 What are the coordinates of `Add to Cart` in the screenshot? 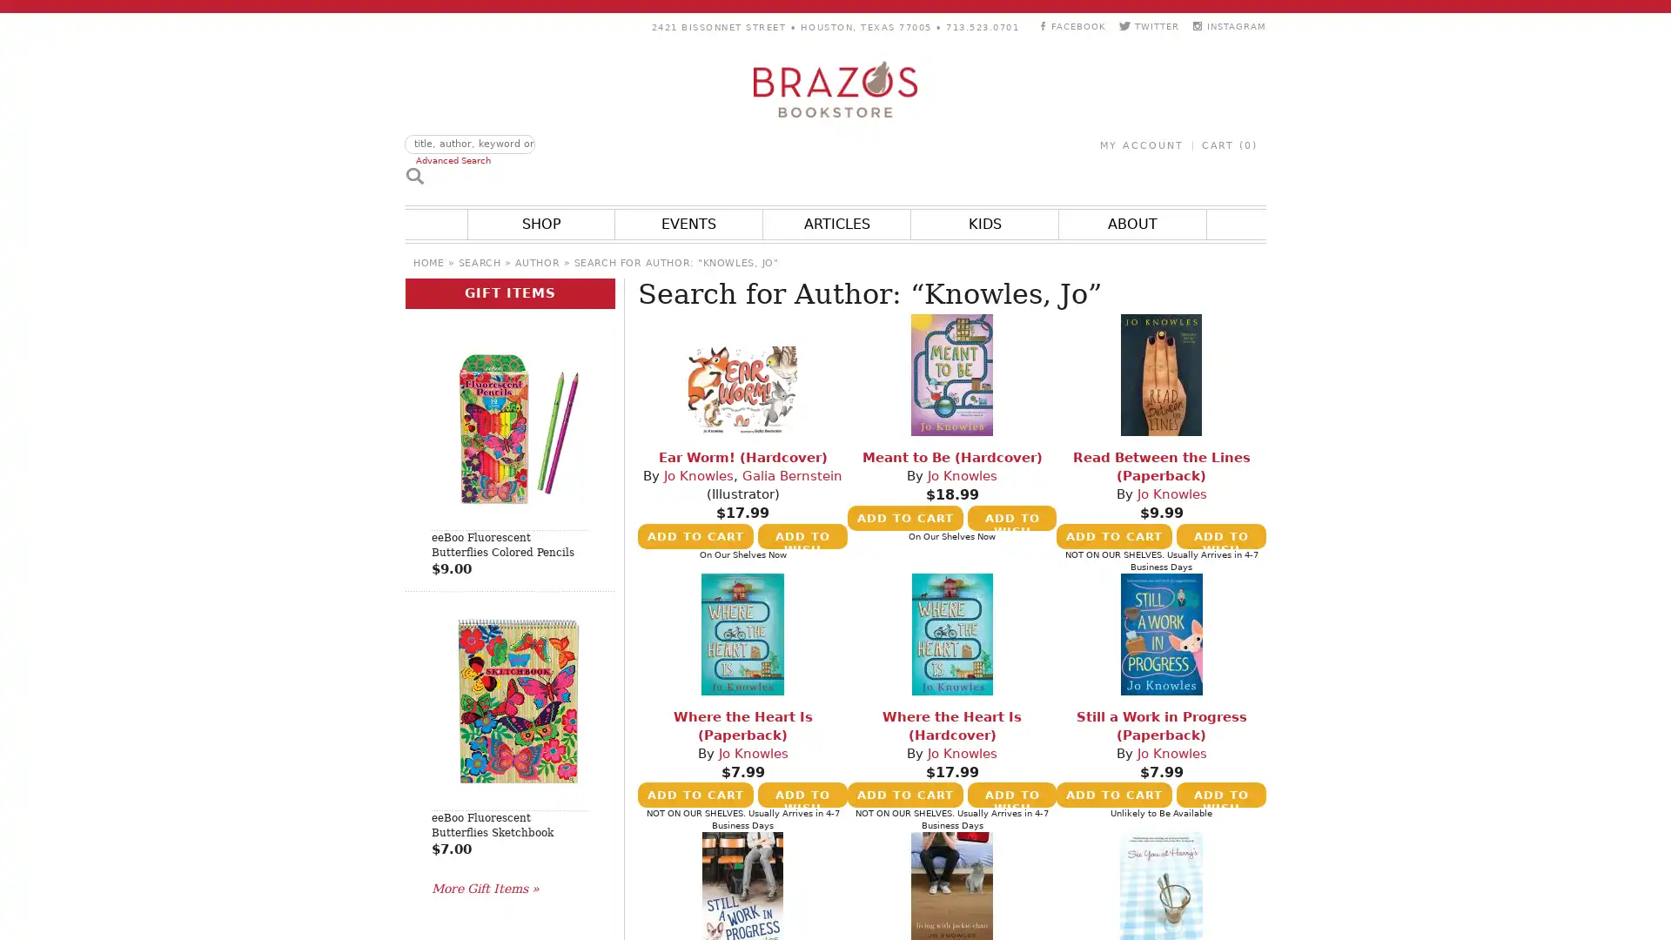 It's located at (1114, 795).